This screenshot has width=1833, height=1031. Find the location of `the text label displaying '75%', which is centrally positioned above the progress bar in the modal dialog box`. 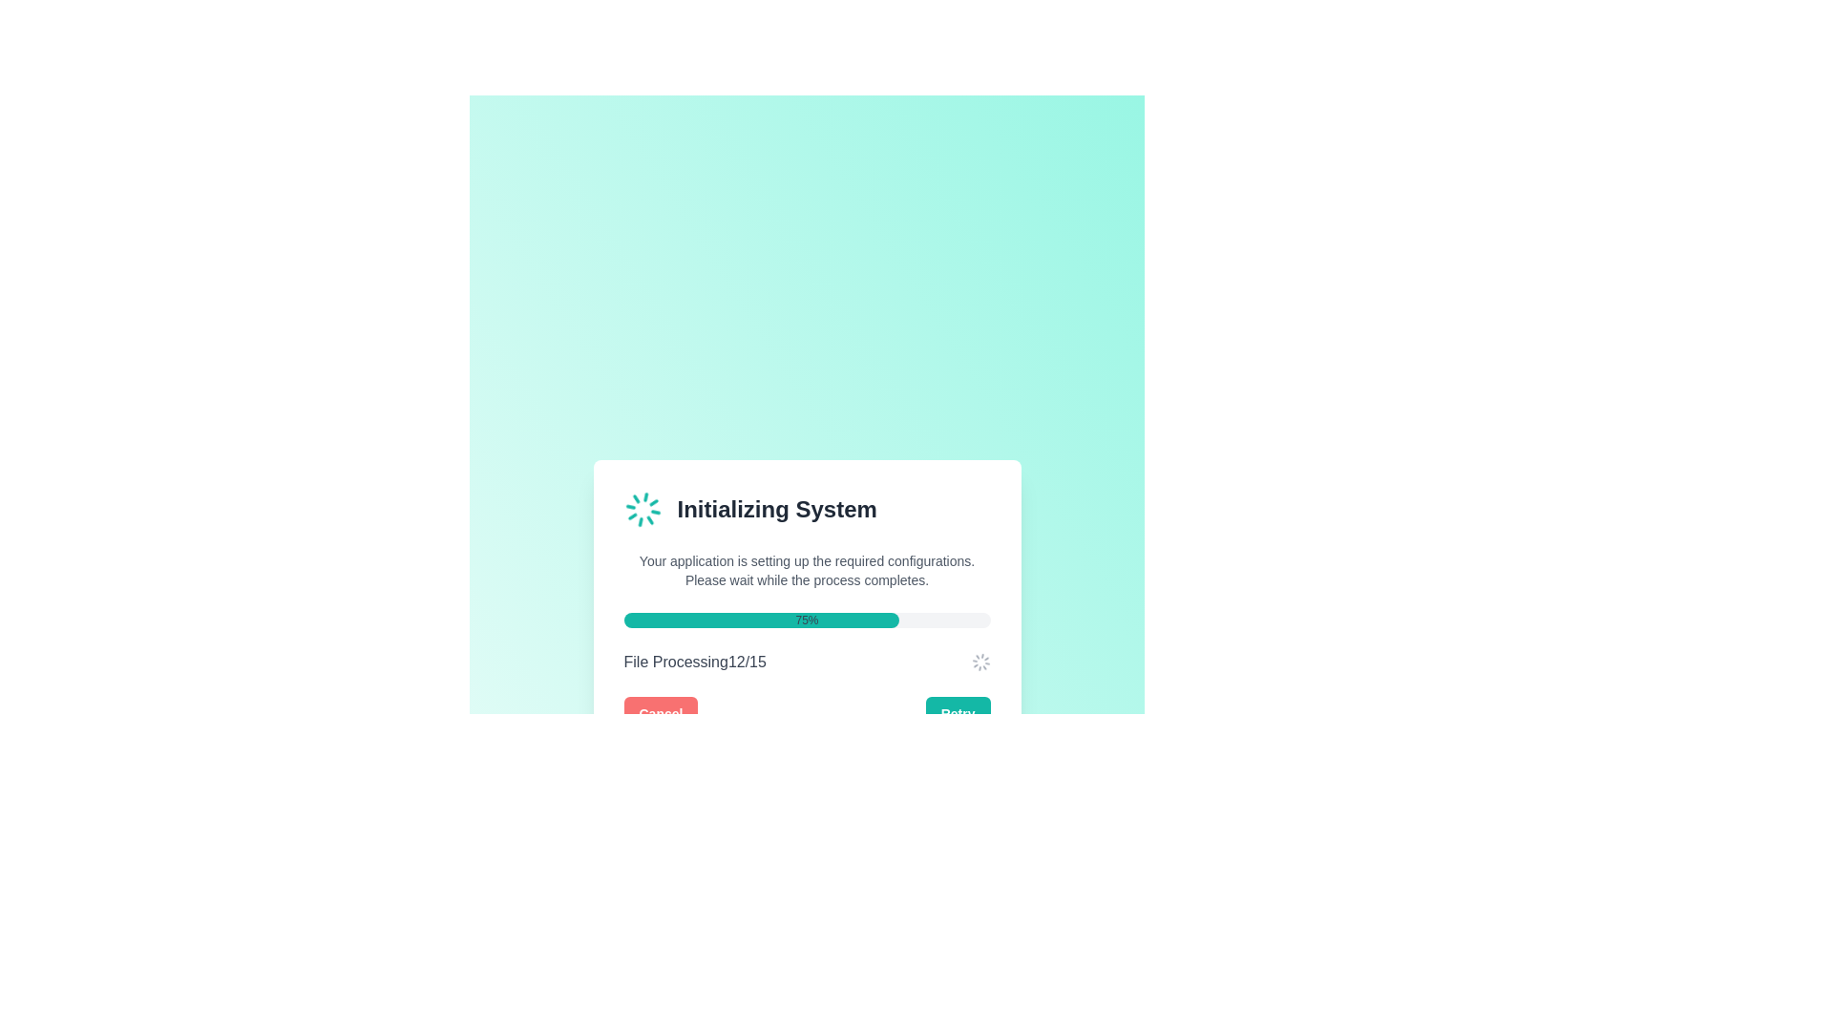

the text label displaying '75%', which is centrally positioned above the progress bar in the modal dialog box is located at coordinates (807, 621).